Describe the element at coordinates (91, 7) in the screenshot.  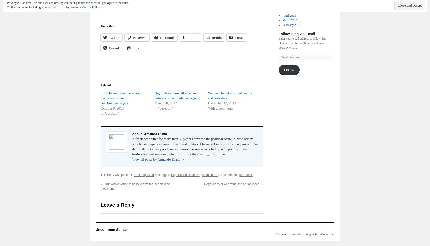
I see `'Cookie Policy'` at that location.